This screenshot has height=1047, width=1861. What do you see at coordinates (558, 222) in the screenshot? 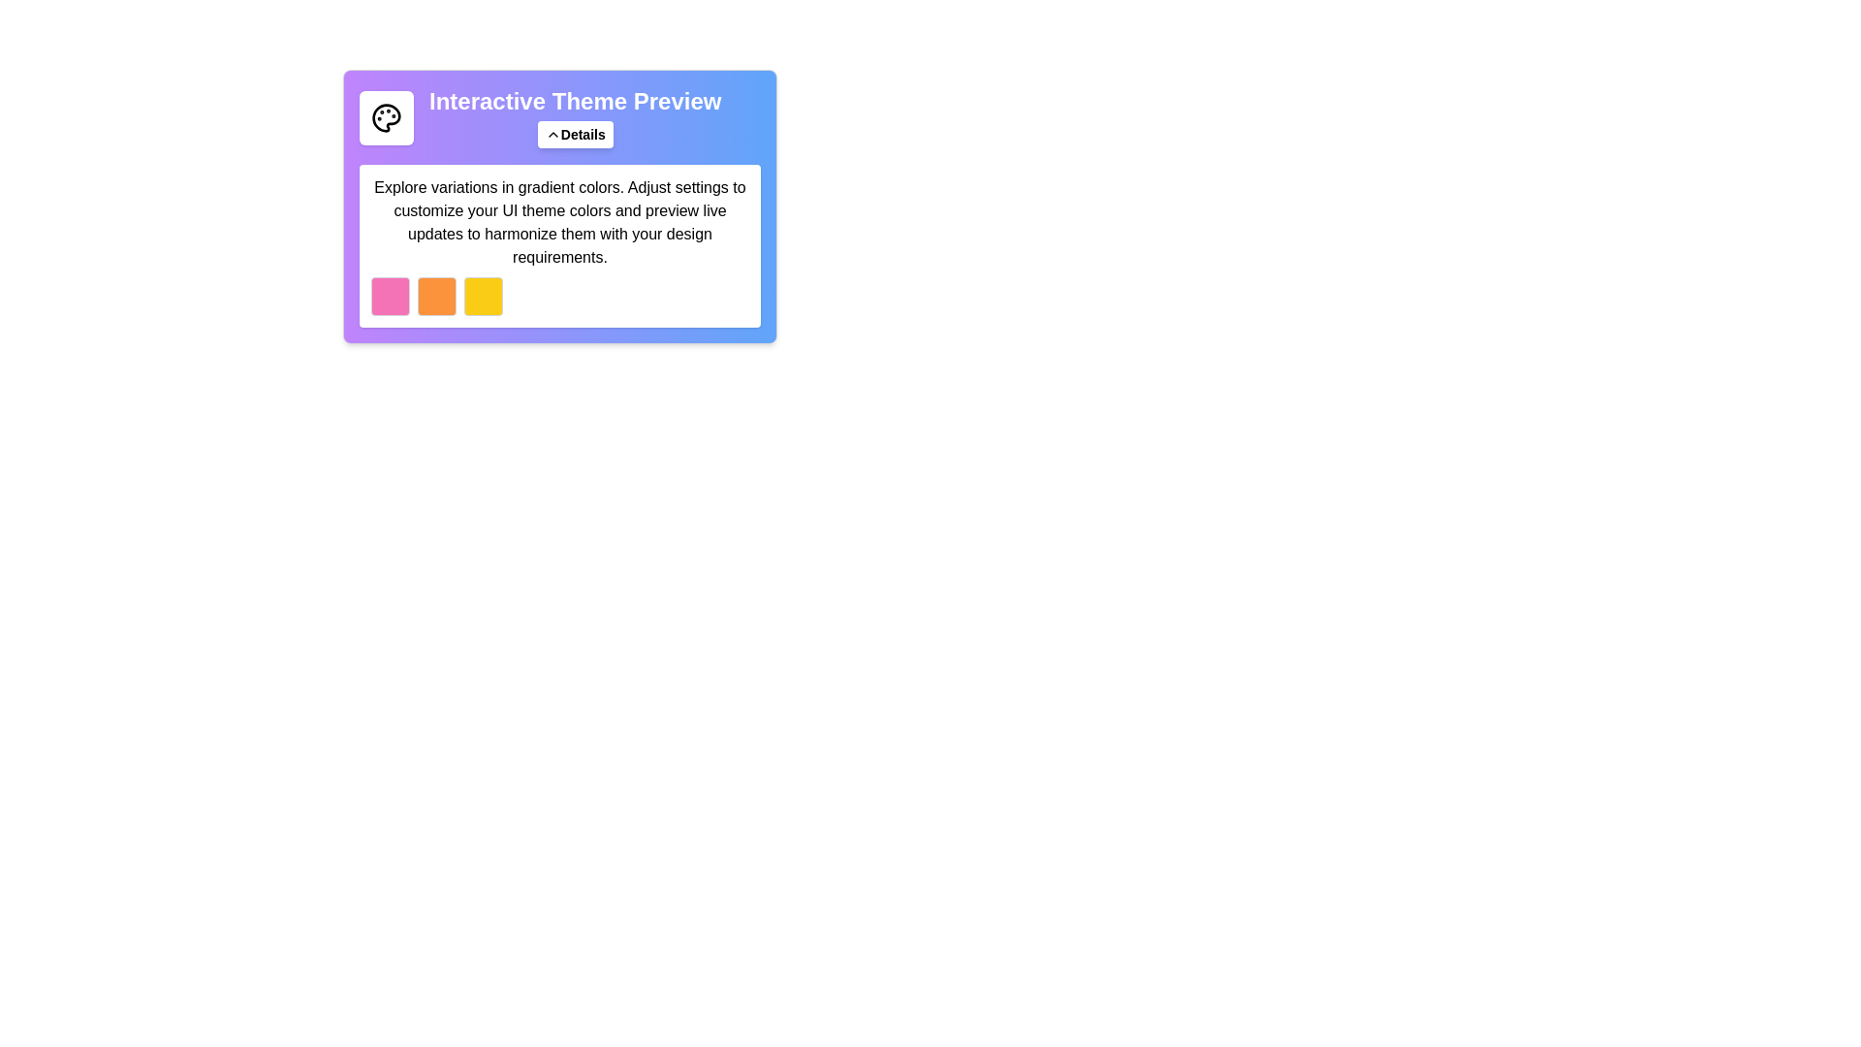
I see `the Informative Text Block that explains the purpose and interaction possibilities of the surrounding UI components related to gradient and UI theme customization, located below the 'Interactive Theme Preview' header` at bounding box center [558, 222].